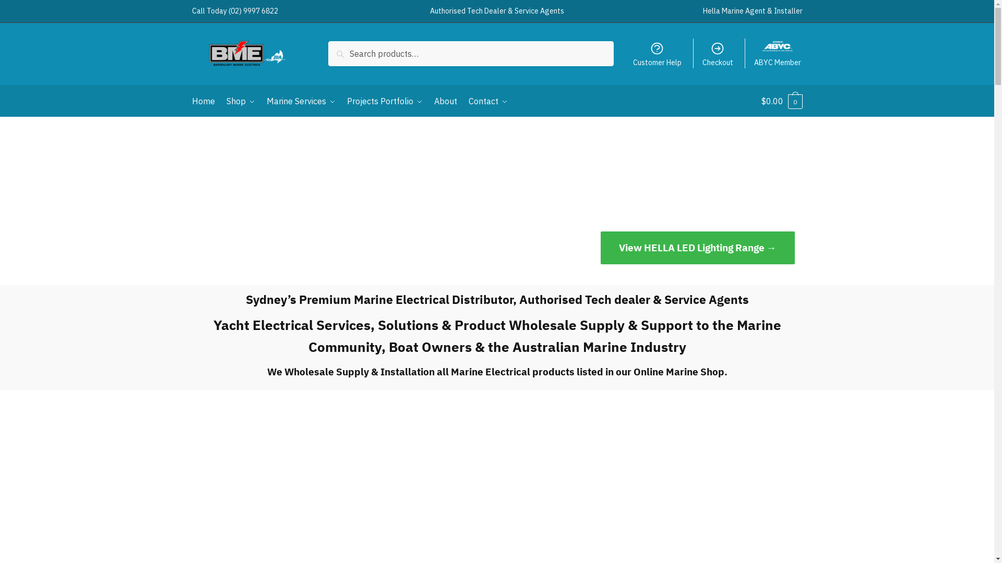 The image size is (1002, 563). Describe the element at coordinates (718, 54) in the screenshot. I see `'Checkout'` at that location.